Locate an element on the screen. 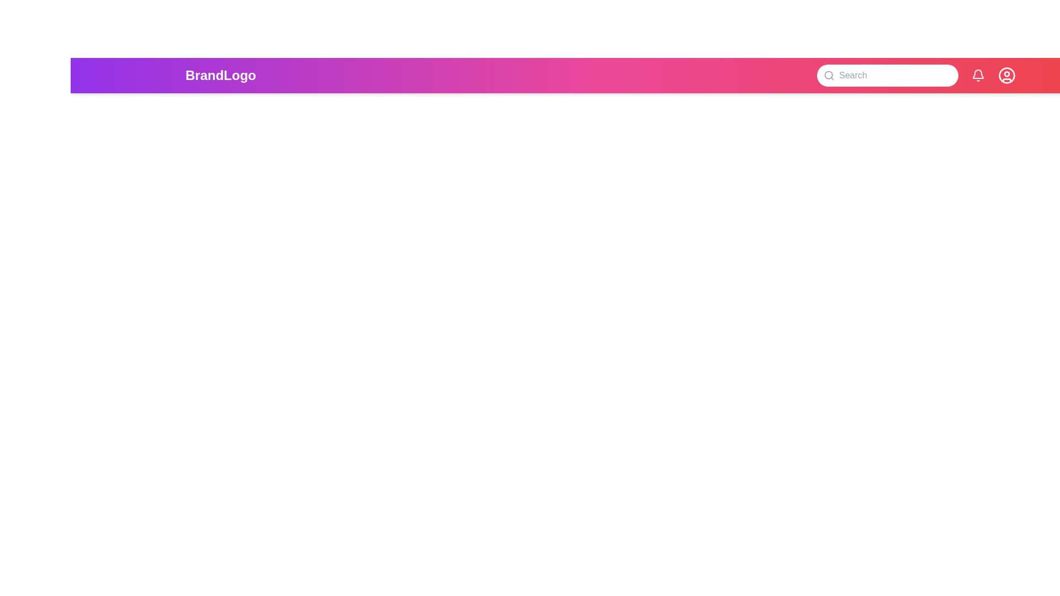  the bell-shaped icon button located is located at coordinates (978, 75).